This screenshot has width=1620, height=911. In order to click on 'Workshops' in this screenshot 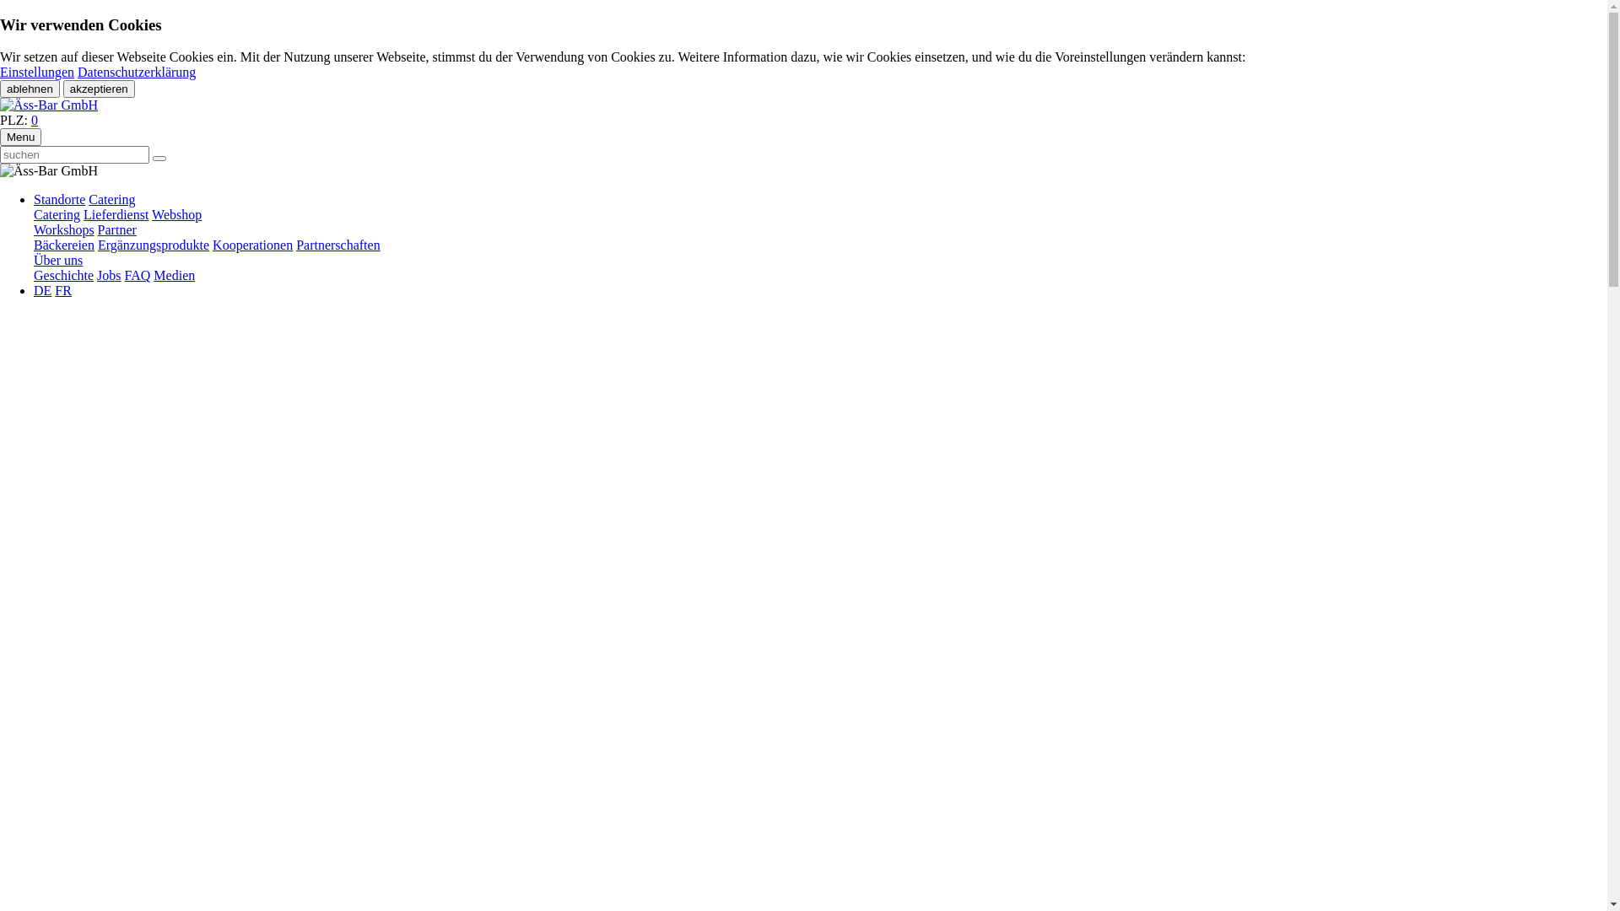, I will do `click(64, 229)`.